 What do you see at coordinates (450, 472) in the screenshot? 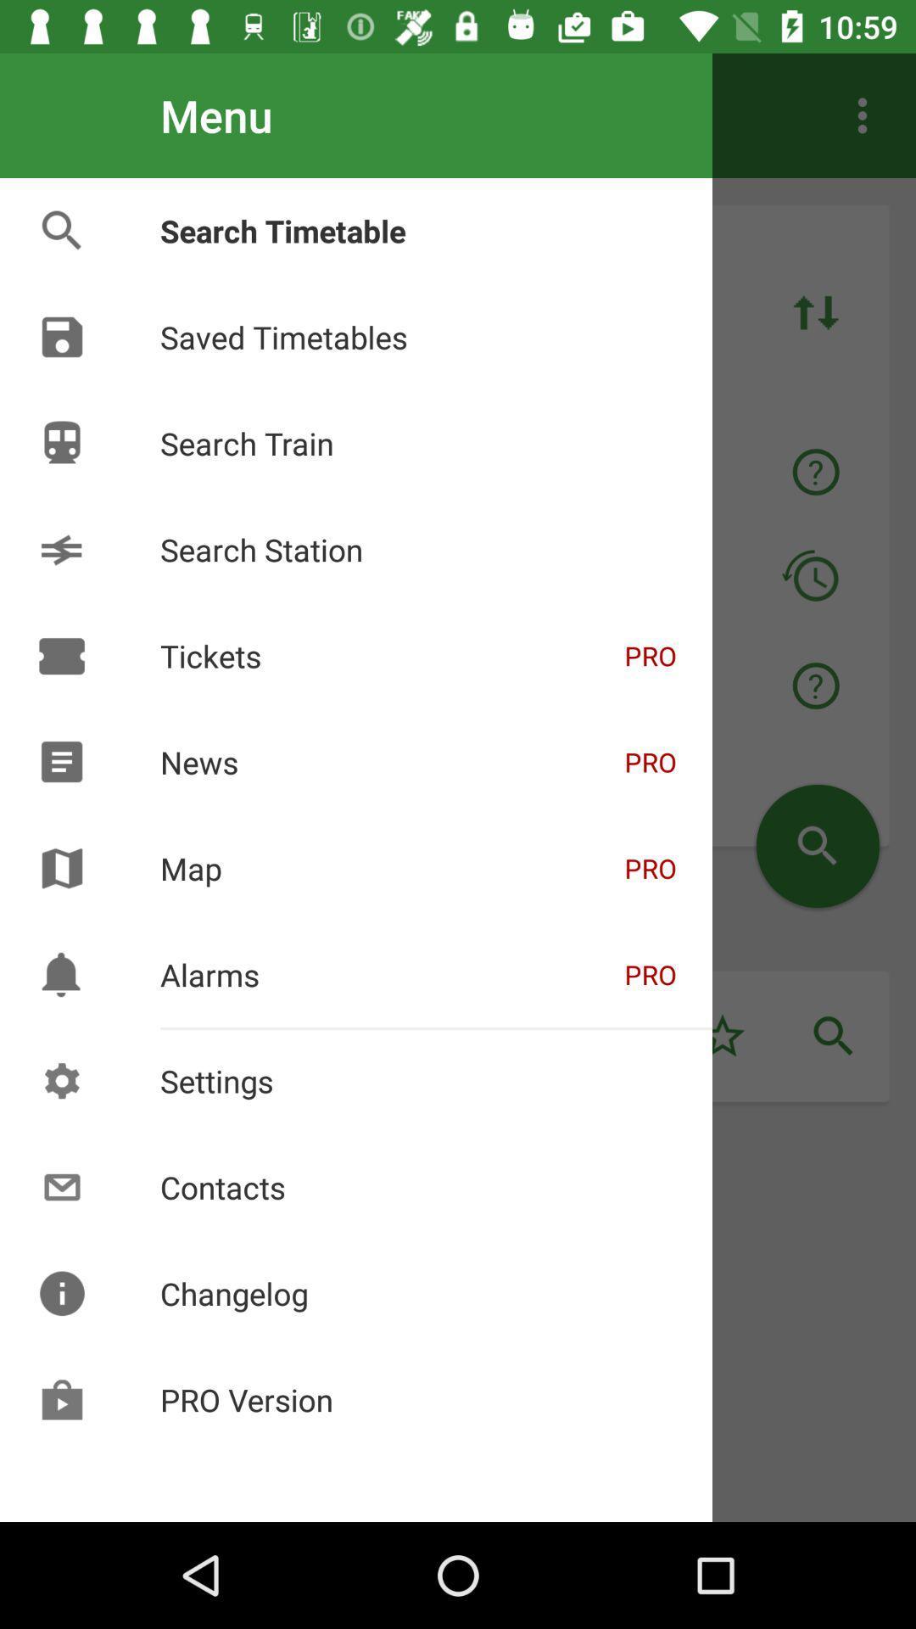
I see `text right to the train icon` at bounding box center [450, 472].